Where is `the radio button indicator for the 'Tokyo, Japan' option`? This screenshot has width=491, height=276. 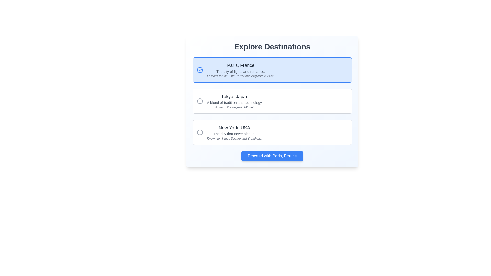 the radio button indicator for the 'Tokyo, Japan' option is located at coordinates (199, 132).